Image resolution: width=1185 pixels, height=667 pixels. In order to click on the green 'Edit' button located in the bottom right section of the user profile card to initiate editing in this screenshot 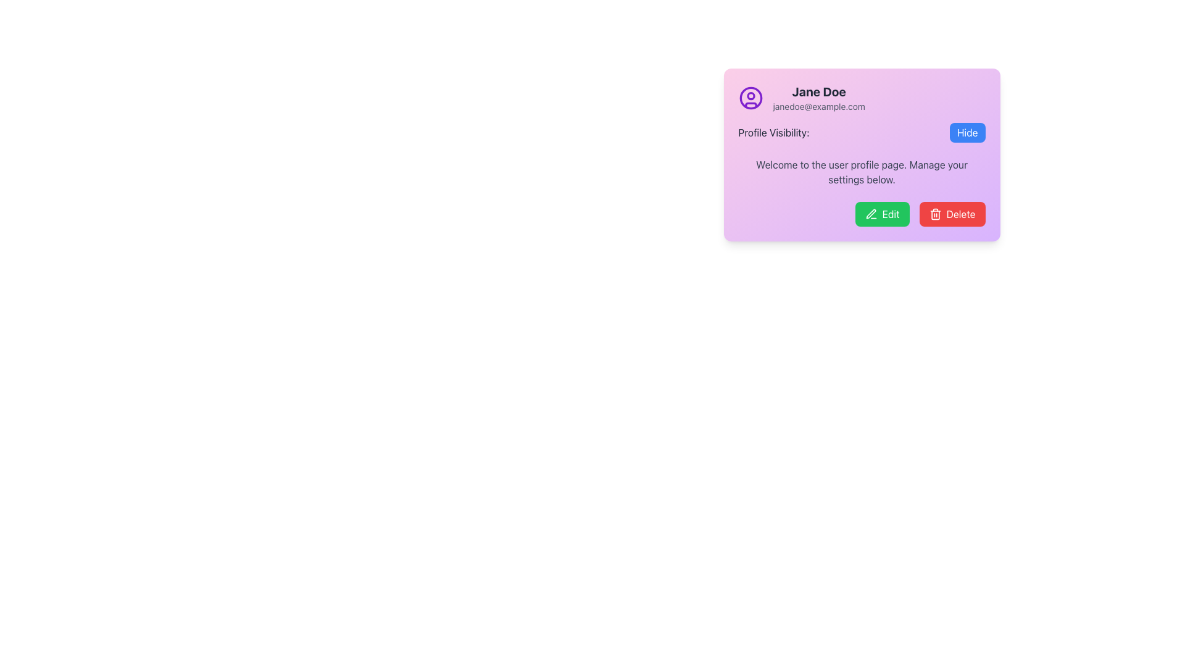, I will do `click(861, 214)`.